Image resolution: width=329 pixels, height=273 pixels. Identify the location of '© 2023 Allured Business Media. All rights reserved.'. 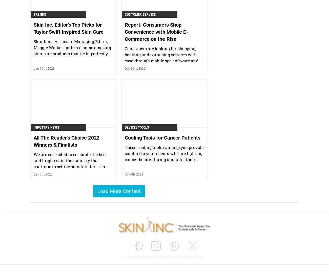
(164, 256).